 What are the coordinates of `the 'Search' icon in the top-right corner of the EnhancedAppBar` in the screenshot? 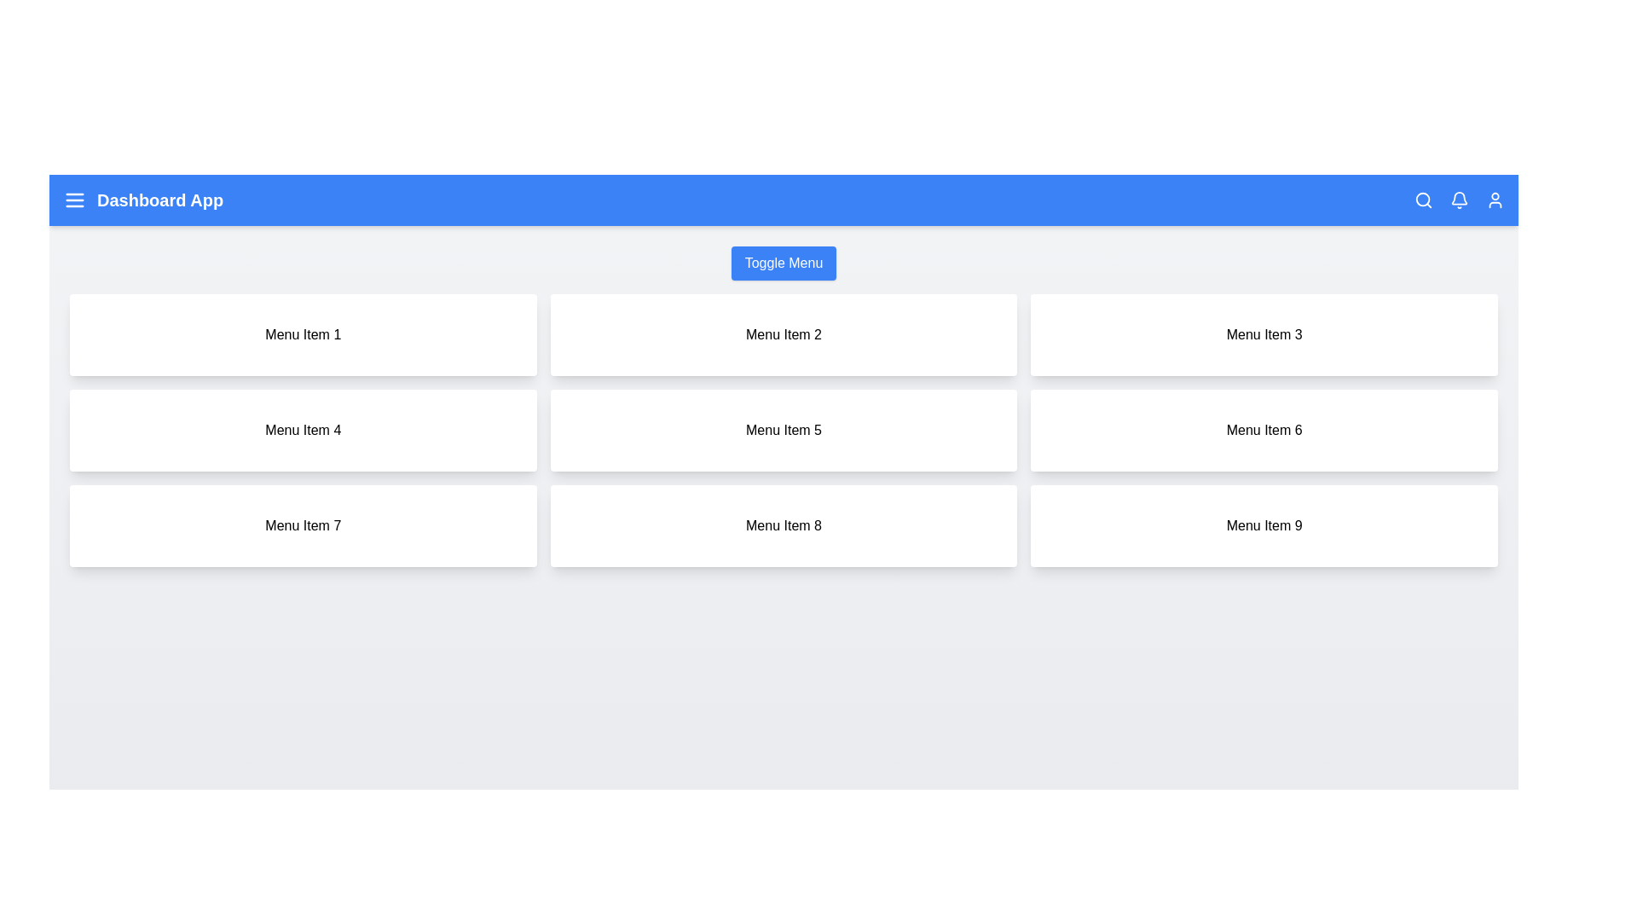 It's located at (1424, 200).